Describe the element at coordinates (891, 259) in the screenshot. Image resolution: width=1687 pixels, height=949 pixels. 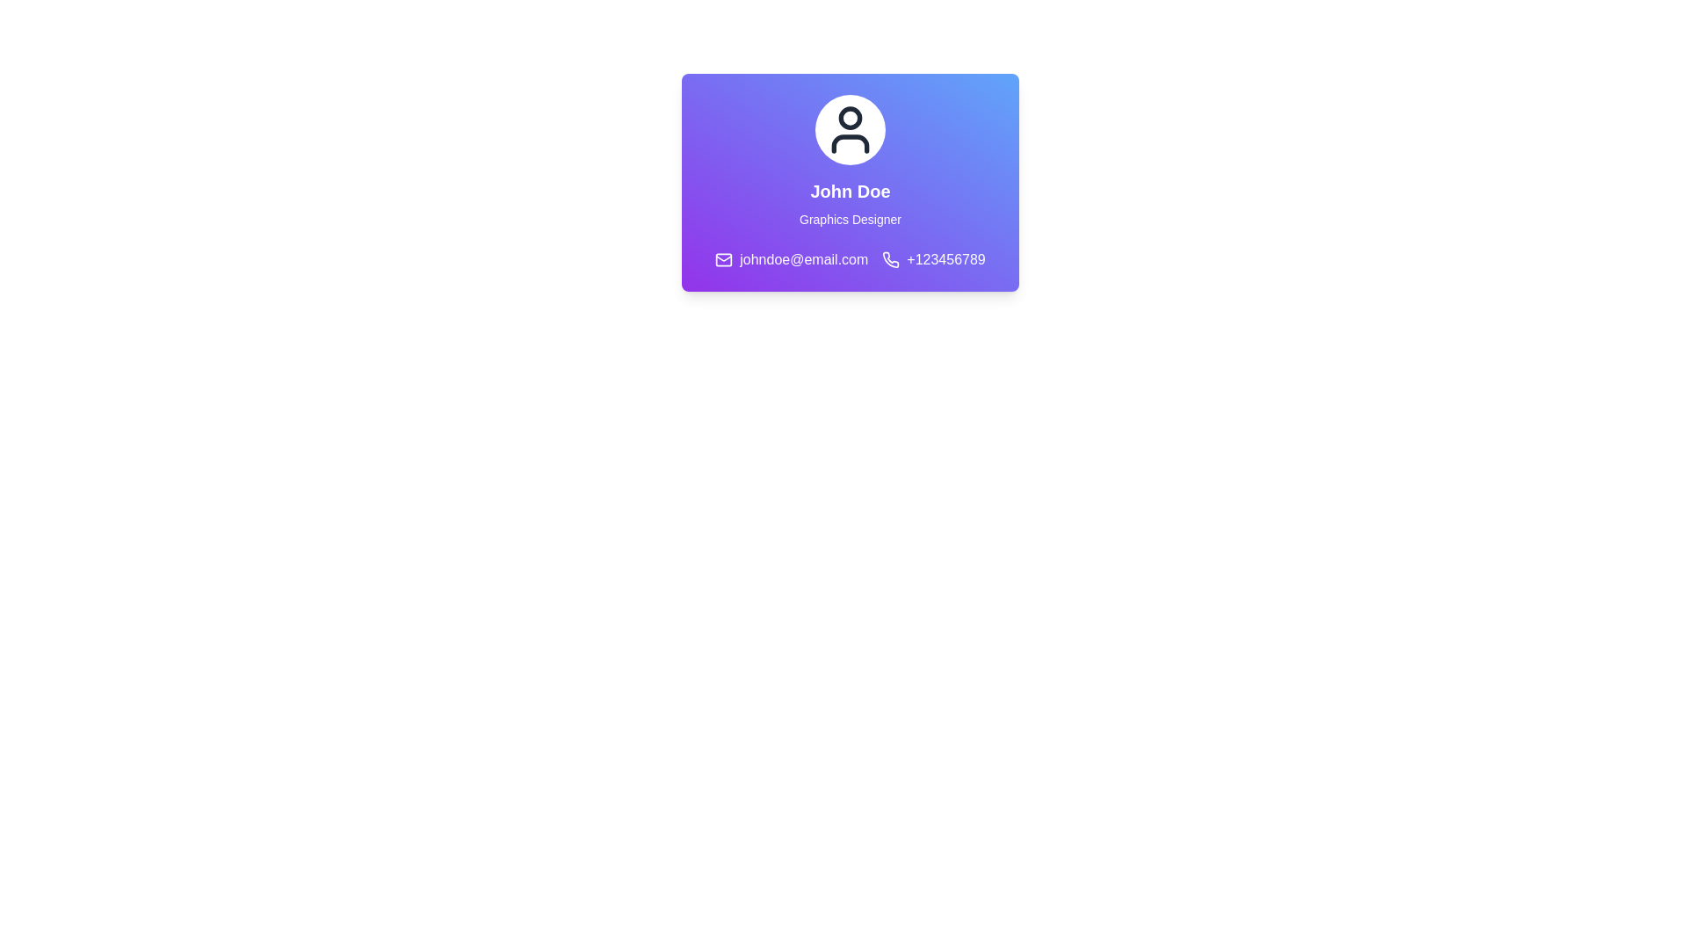
I see `the phone icon located in the lower section of the card layout, which is positioned to the left of the phone number text` at that location.